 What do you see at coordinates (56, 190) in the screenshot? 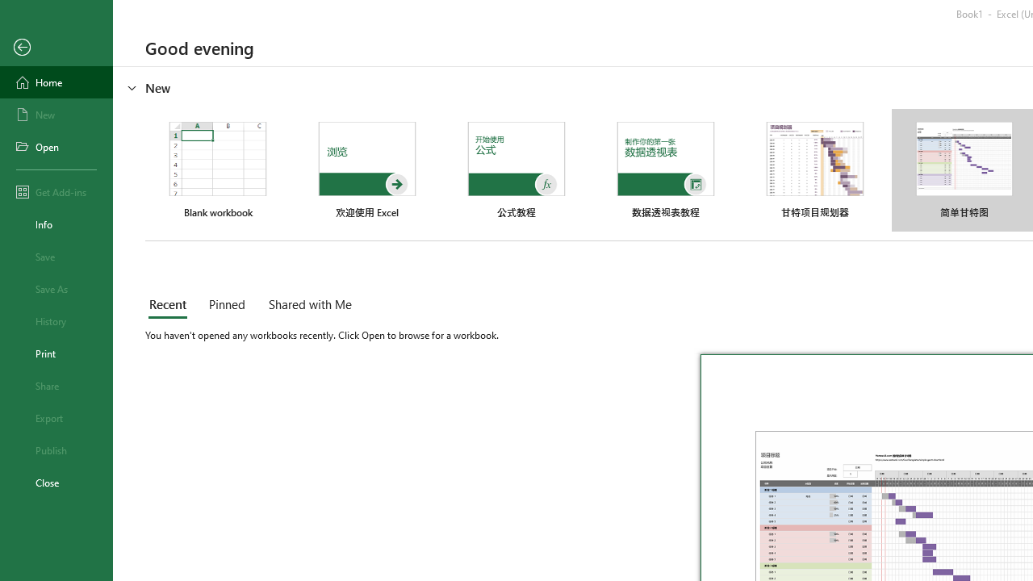
I see `'Get Add-ins'` at bounding box center [56, 190].